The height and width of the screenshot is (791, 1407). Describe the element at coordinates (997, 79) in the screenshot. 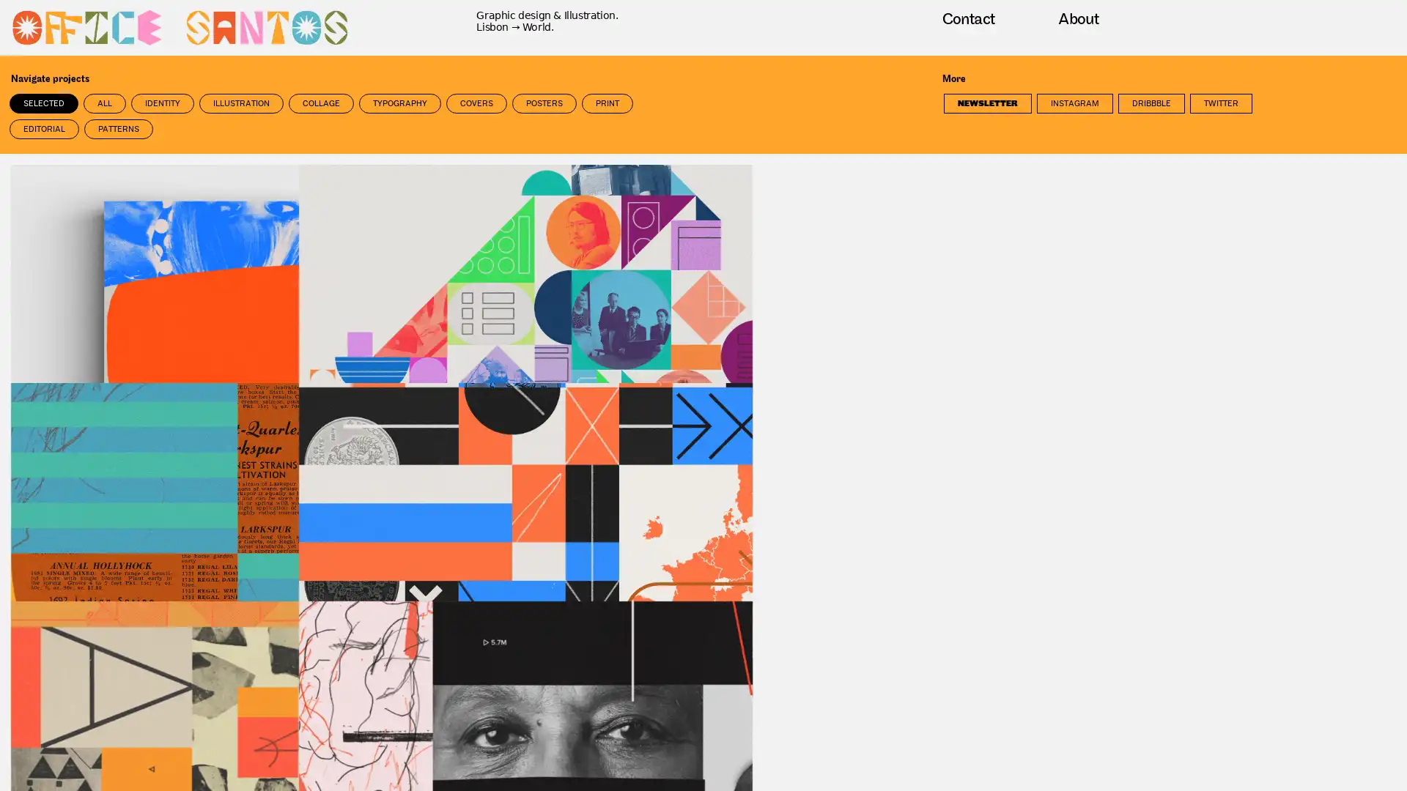

I see `More` at that location.